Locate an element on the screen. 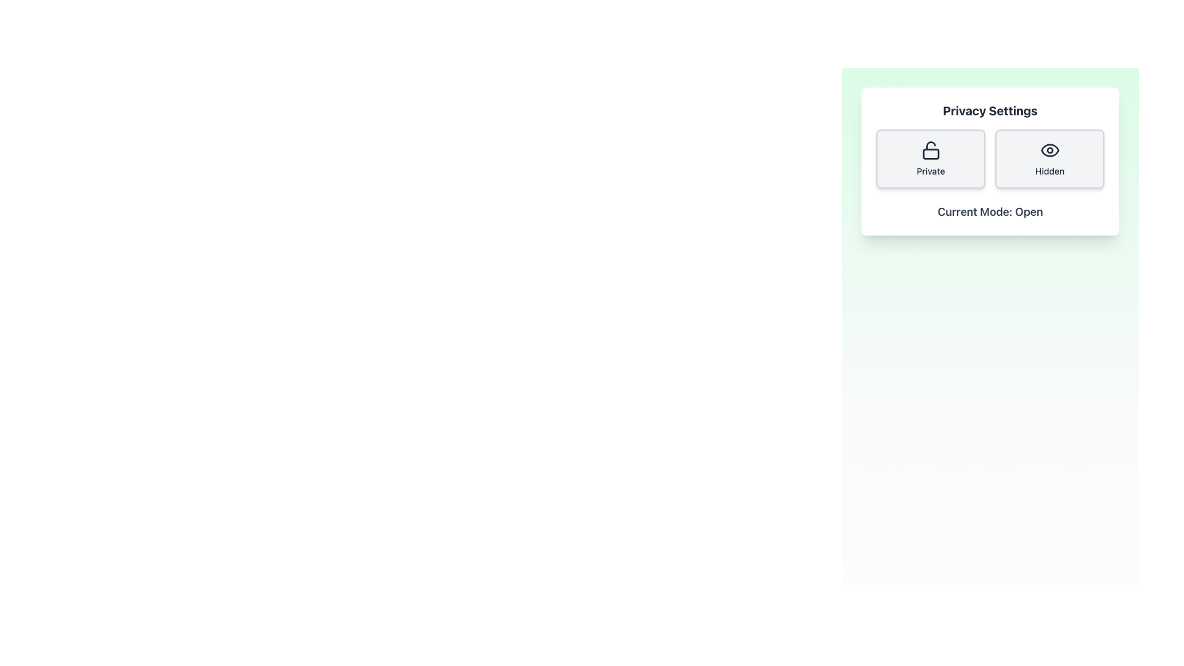 Image resolution: width=1184 pixels, height=666 pixels. the upper curved portion of the open padlock icon located inside the 'Private' button in the 'Privacy Settings' panel is located at coordinates (931, 145).